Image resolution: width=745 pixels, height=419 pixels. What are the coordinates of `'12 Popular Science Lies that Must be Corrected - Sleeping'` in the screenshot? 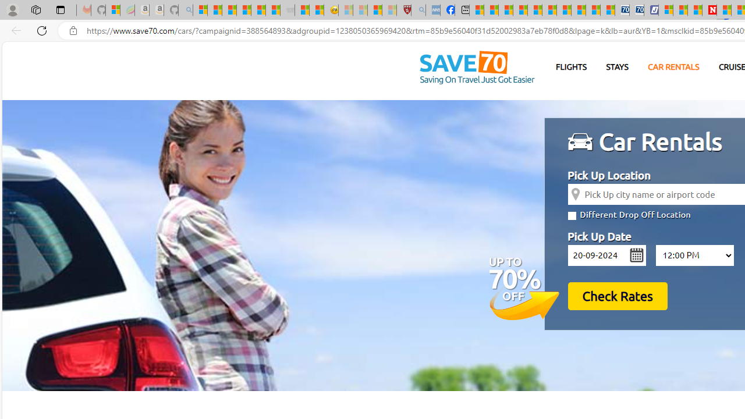 It's located at (389, 10).